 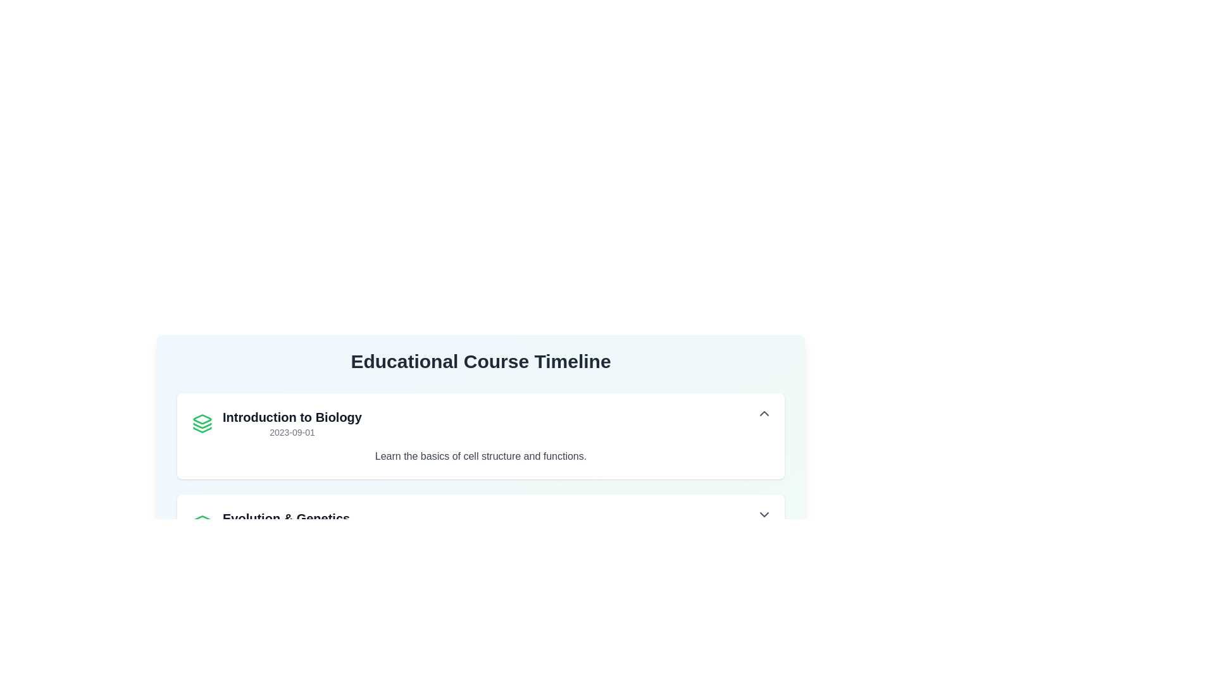 What do you see at coordinates (480, 456) in the screenshot?
I see `the Text Label that provides a brief description or summary of the educational topic directly below the title 'Introduction to Biology' and the date '2023-09-01'` at bounding box center [480, 456].